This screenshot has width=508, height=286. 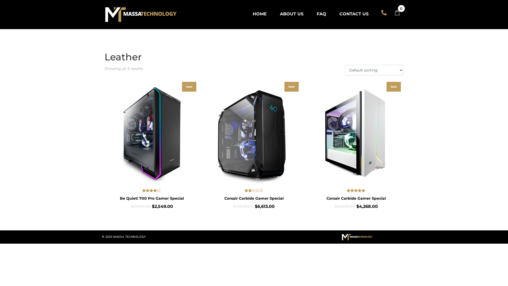 I want to click on 'FAQ', so click(x=321, y=14).